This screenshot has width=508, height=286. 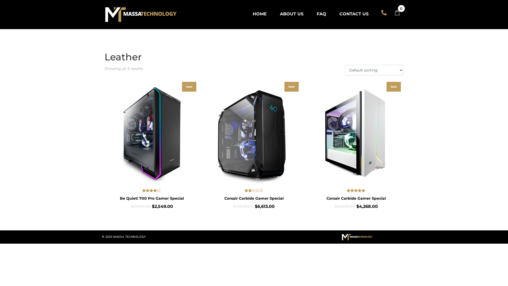 I want to click on 'FAQ', so click(x=321, y=14).